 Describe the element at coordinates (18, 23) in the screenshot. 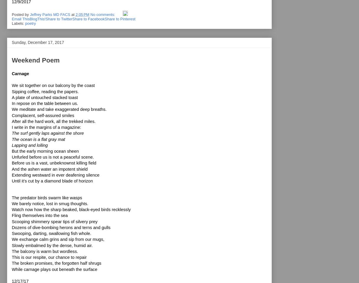

I see `'Labels:'` at that location.